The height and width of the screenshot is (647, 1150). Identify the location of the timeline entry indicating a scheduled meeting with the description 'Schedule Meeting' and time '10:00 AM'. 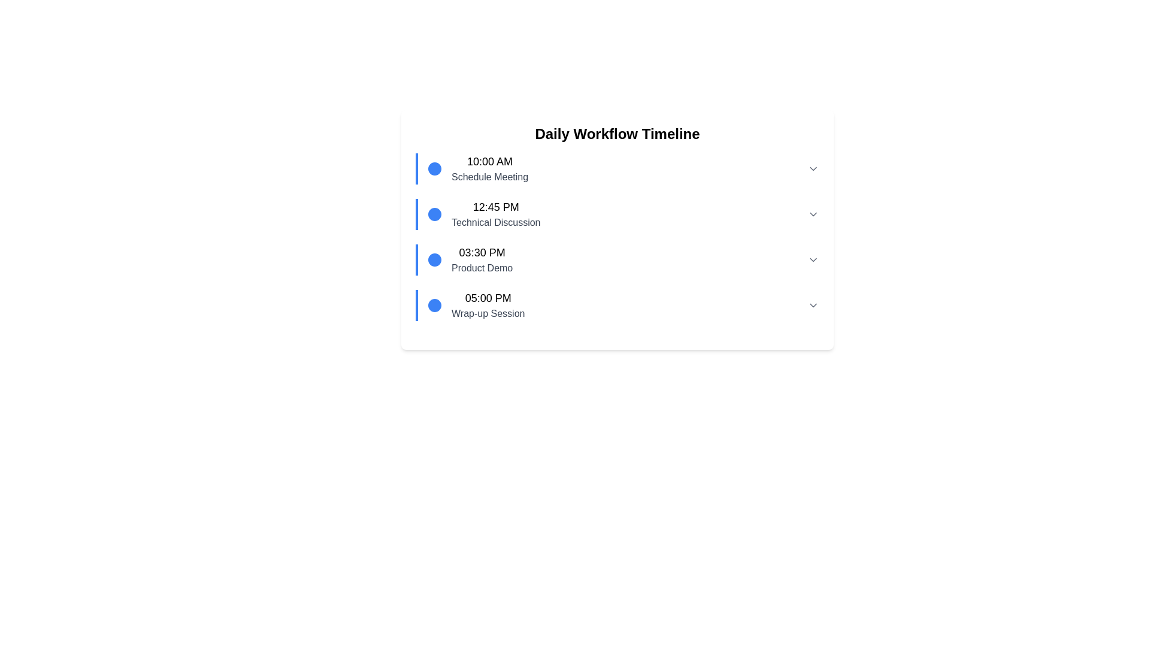
(477, 168).